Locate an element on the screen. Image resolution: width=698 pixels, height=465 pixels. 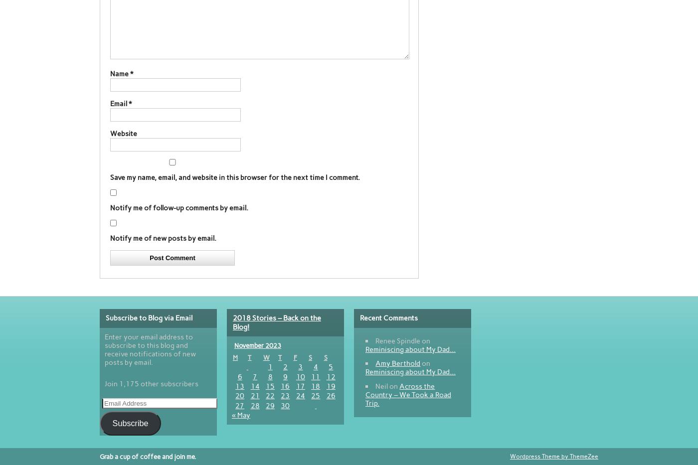
'19' is located at coordinates (326, 385).